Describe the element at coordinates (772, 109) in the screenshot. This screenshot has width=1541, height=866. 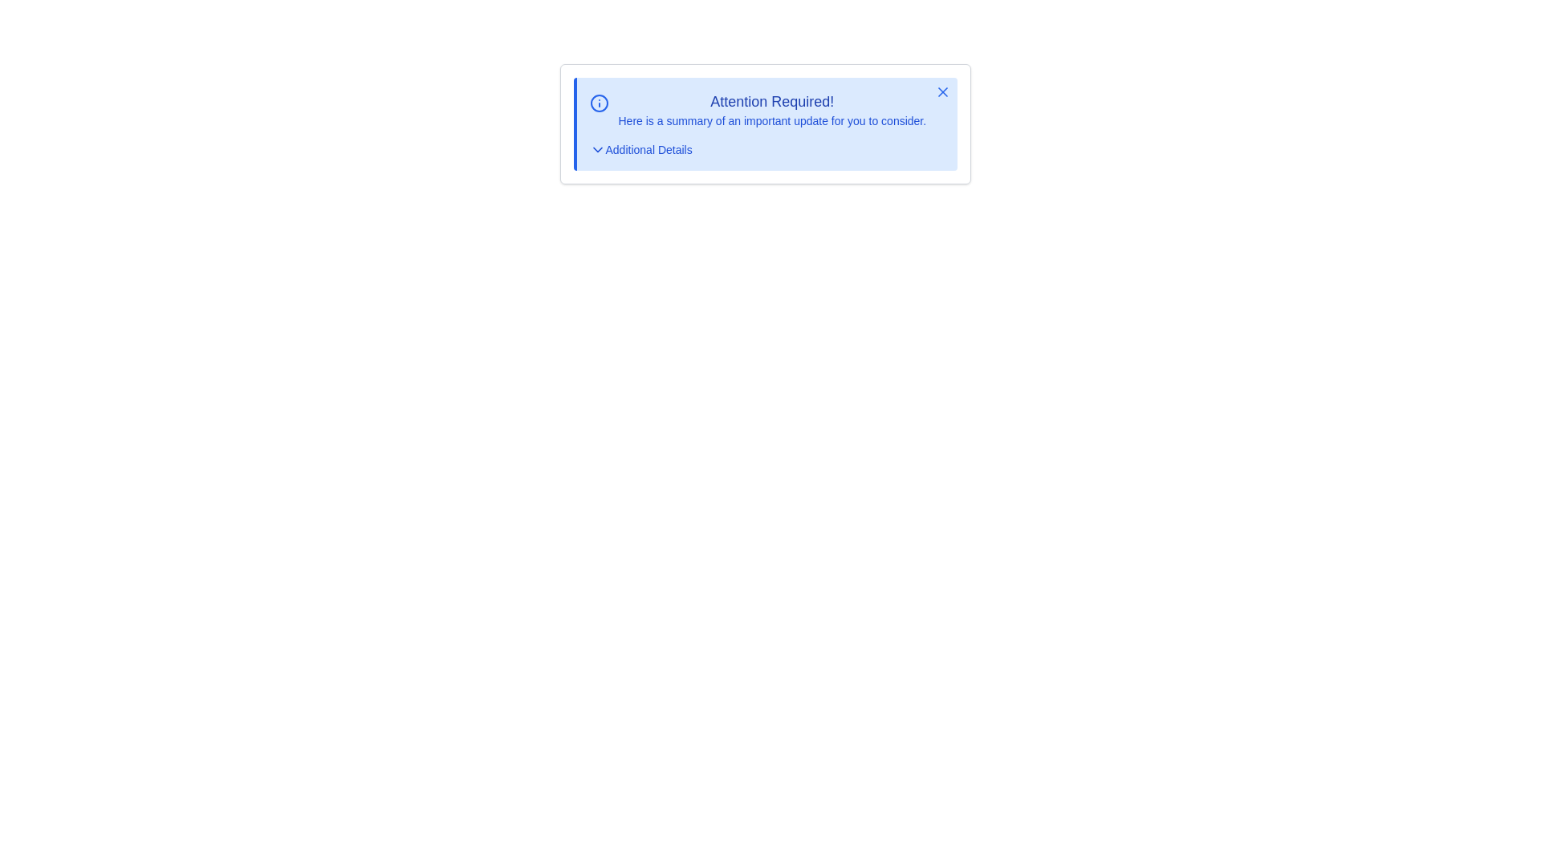
I see `text in the Notification text block that displays 'Attention Required!' and its summary explanation` at that location.